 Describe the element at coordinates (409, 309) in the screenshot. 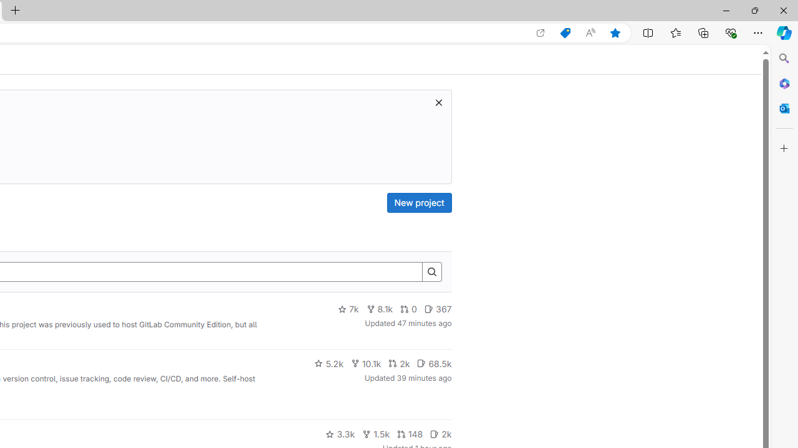

I see `'0'` at that location.